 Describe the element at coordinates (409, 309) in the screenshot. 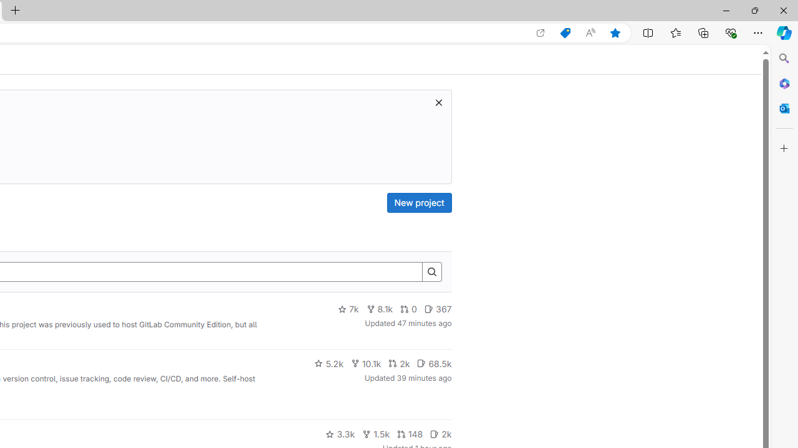

I see `'0'` at that location.